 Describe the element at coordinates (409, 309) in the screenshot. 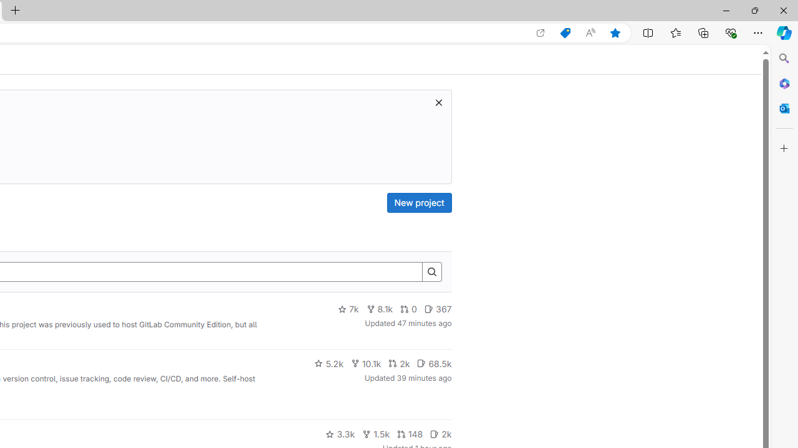

I see `'0'` at that location.